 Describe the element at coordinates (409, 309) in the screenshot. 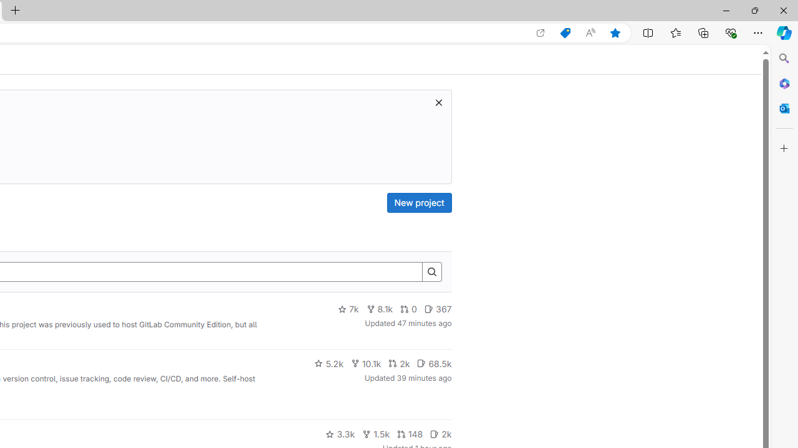

I see `'0'` at that location.